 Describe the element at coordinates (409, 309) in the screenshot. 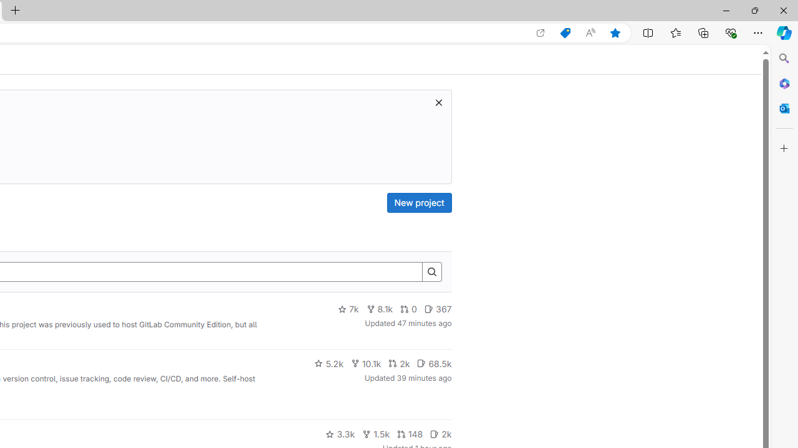

I see `'0'` at that location.